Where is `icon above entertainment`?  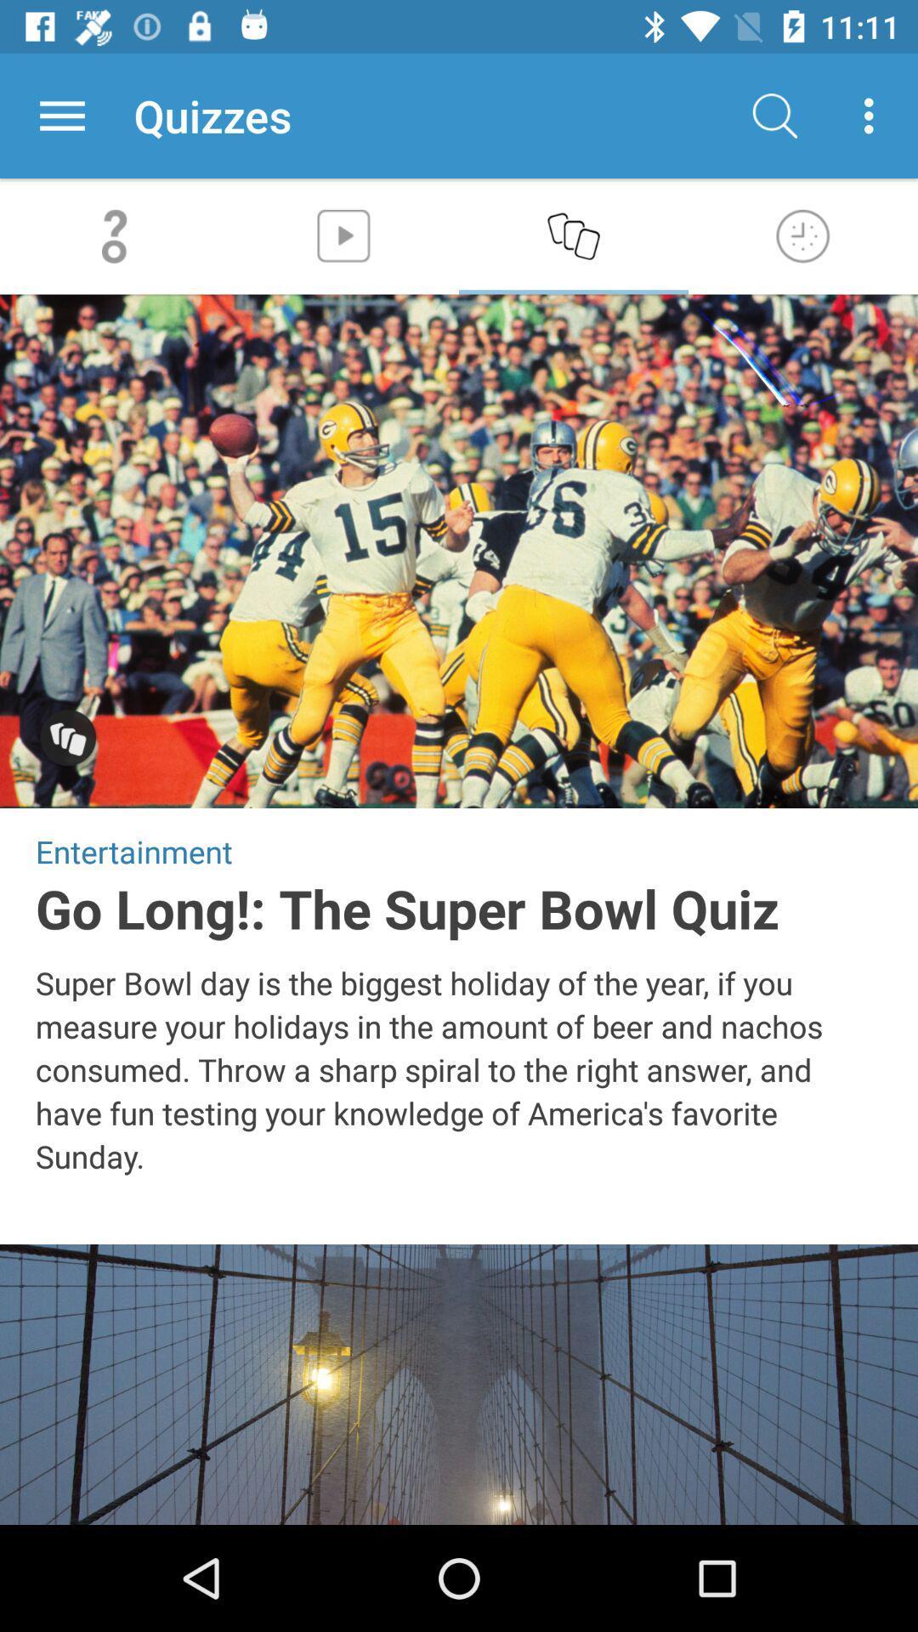 icon above entertainment is located at coordinates (67, 739).